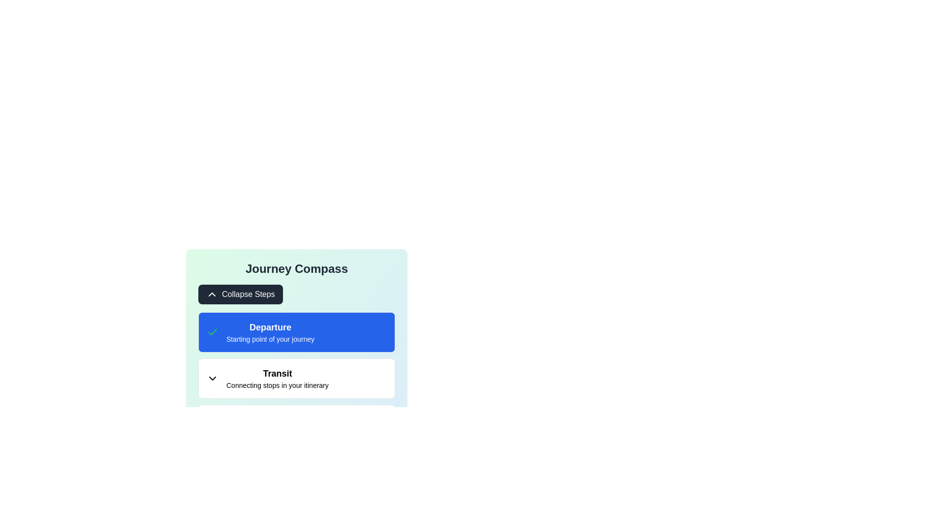  I want to click on the 'Transit' informational card, so click(296, 378).